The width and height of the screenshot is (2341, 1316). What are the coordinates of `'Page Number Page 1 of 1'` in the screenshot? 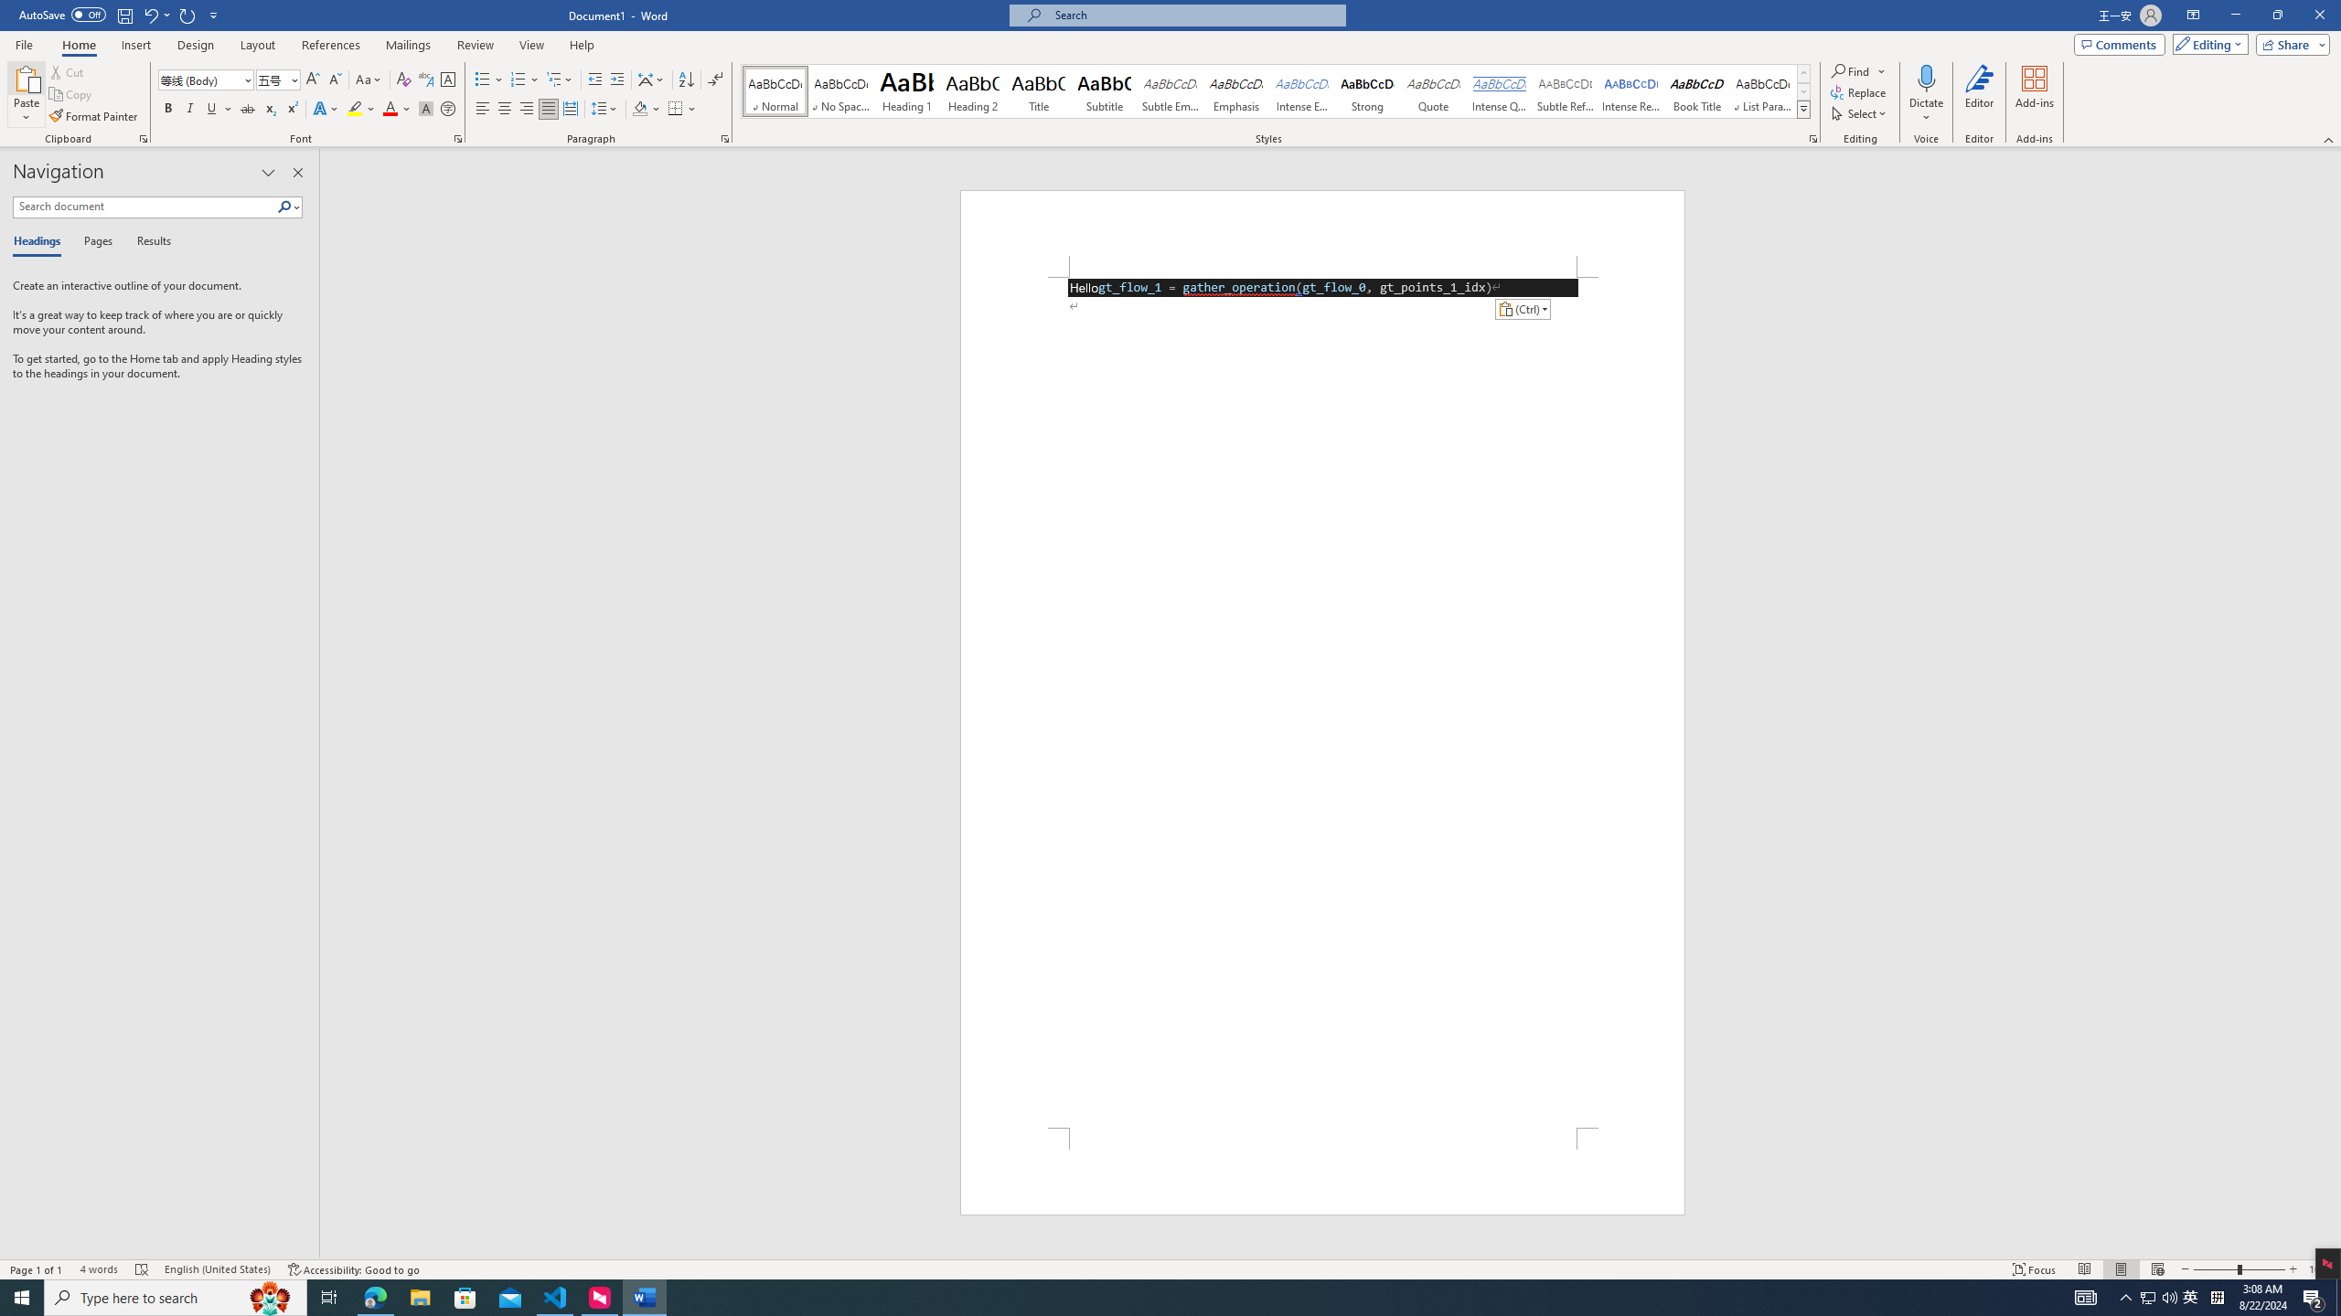 It's located at (37, 1269).